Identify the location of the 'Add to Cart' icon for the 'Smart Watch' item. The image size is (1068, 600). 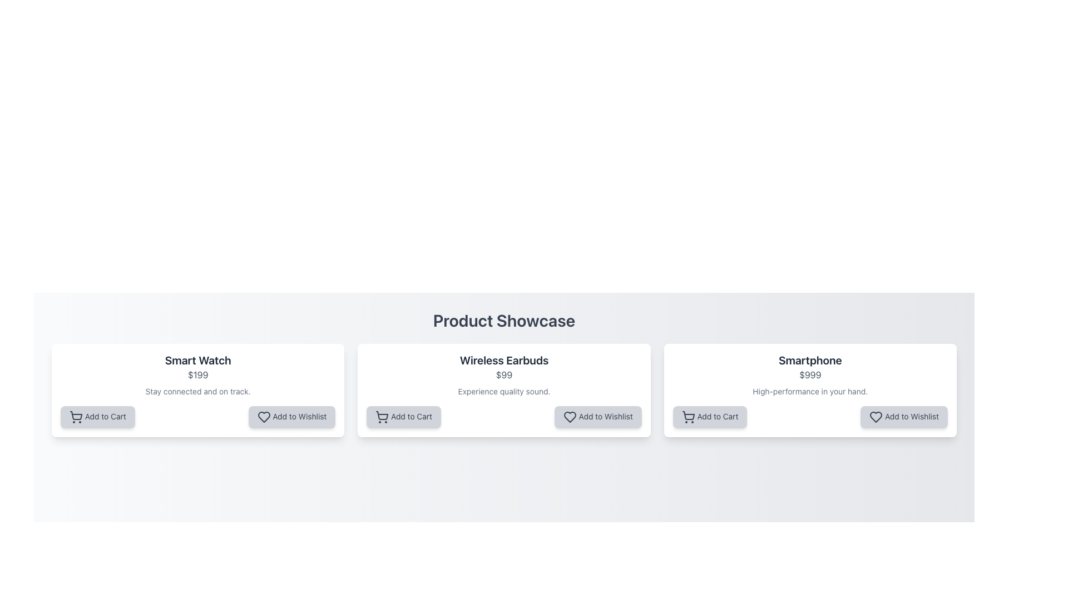
(76, 417).